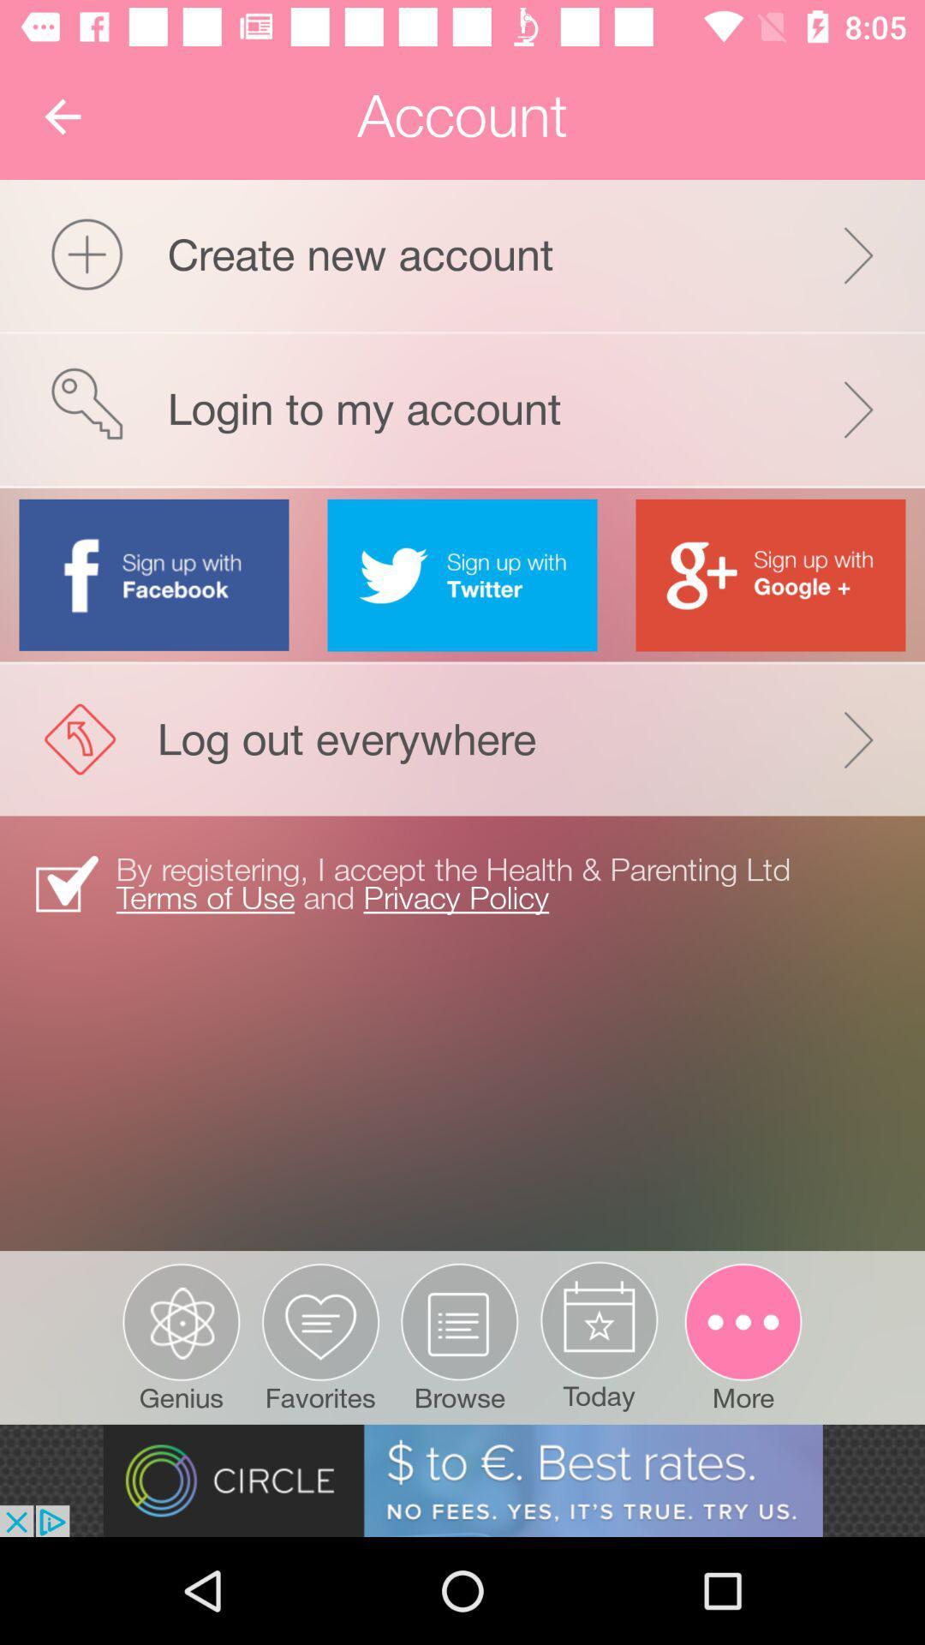  Describe the element at coordinates (769, 575) in the screenshot. I see `link to google account button` at that location.